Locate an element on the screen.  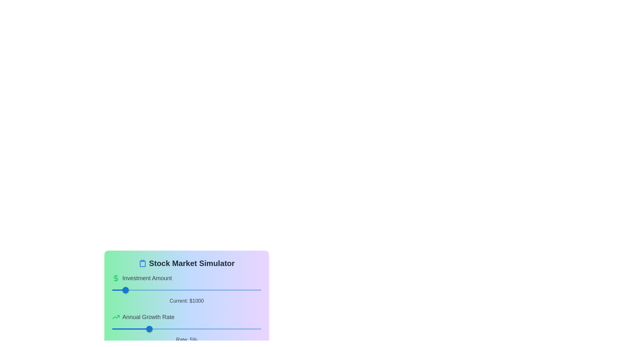
the annual growth rate is located at coordinates (256, 329).